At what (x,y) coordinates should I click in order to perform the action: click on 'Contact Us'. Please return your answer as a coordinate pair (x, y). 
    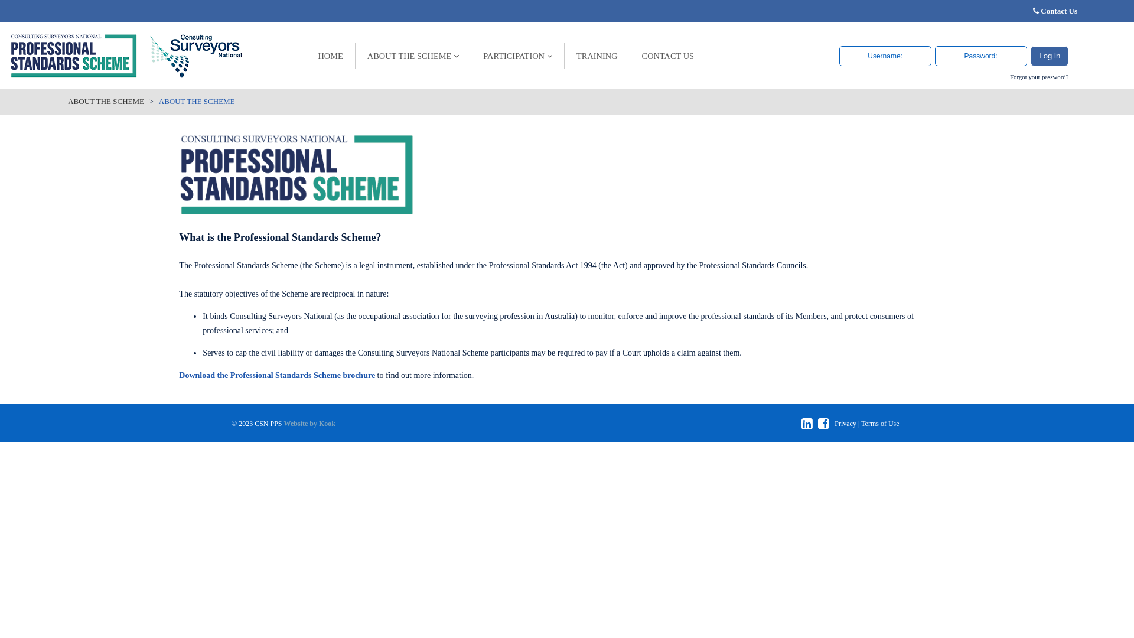
    Looking at the image, I should click on (1059, 11).